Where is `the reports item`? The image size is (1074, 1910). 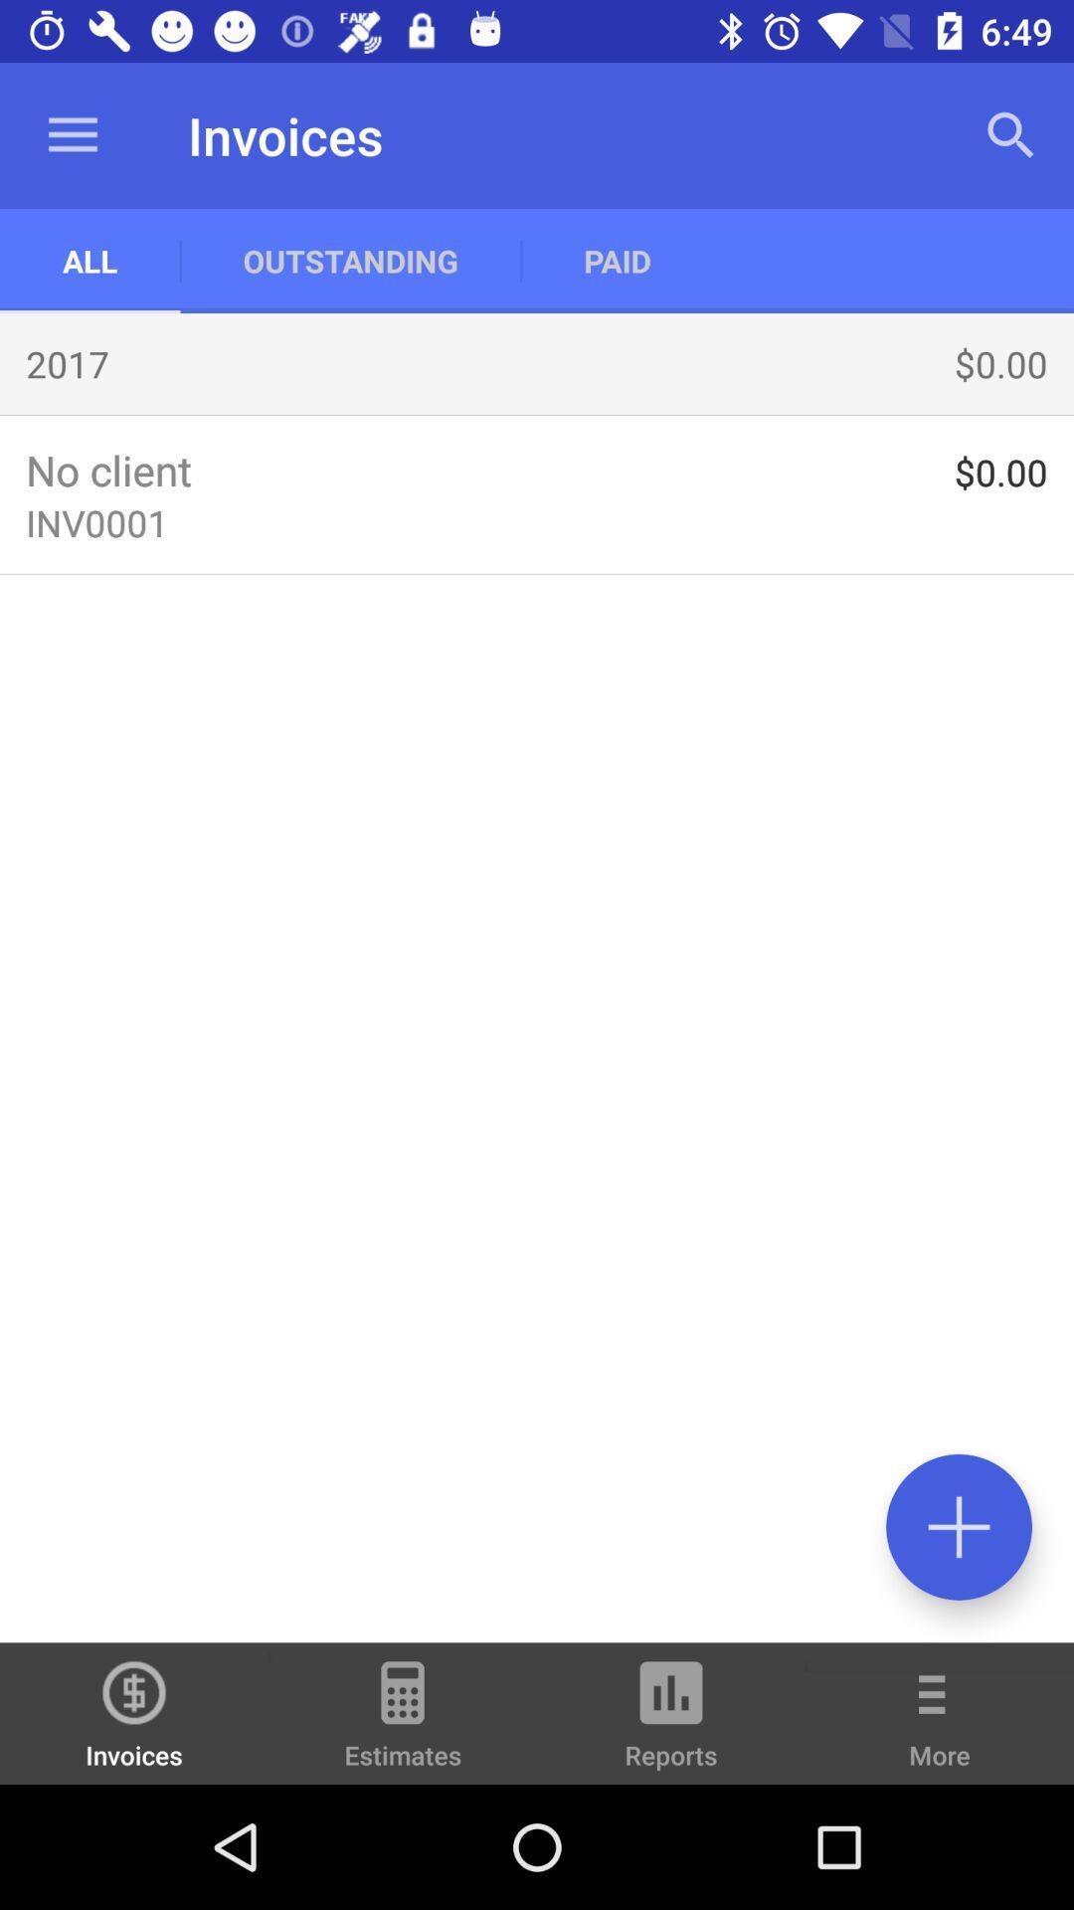
the reports item is located at coordinates (671, 1722).